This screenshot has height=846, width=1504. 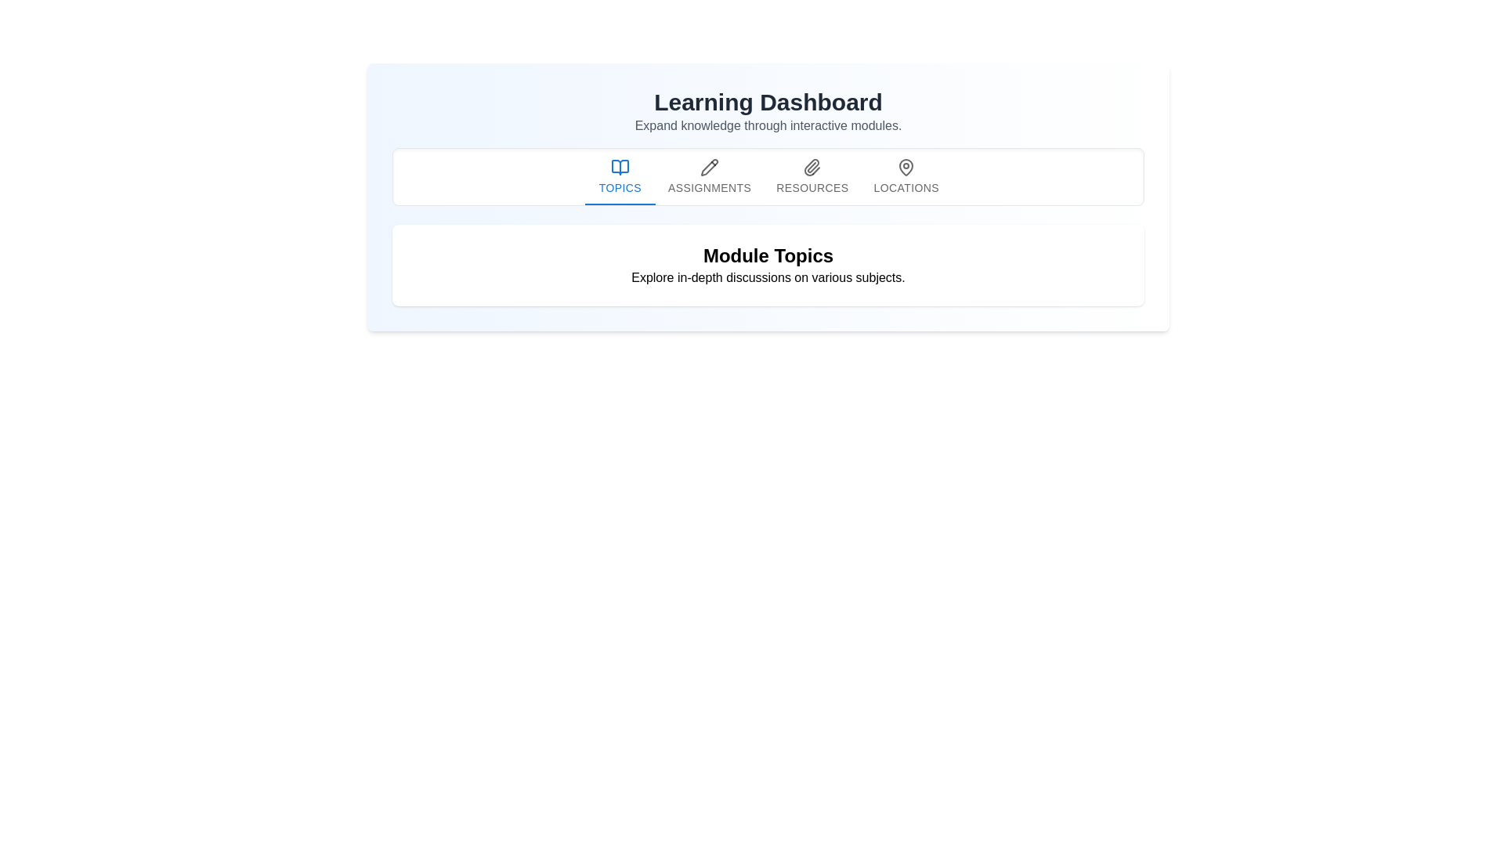 What do you see at coordinates (709, 168) in the screenshot?
I see `the pencil icon located in the 'ASSIGNMENTS' tab of the top navigation menu, which visually overlaps with the 'ASSIGNMENTS' text` at bounding box center [709, 168].